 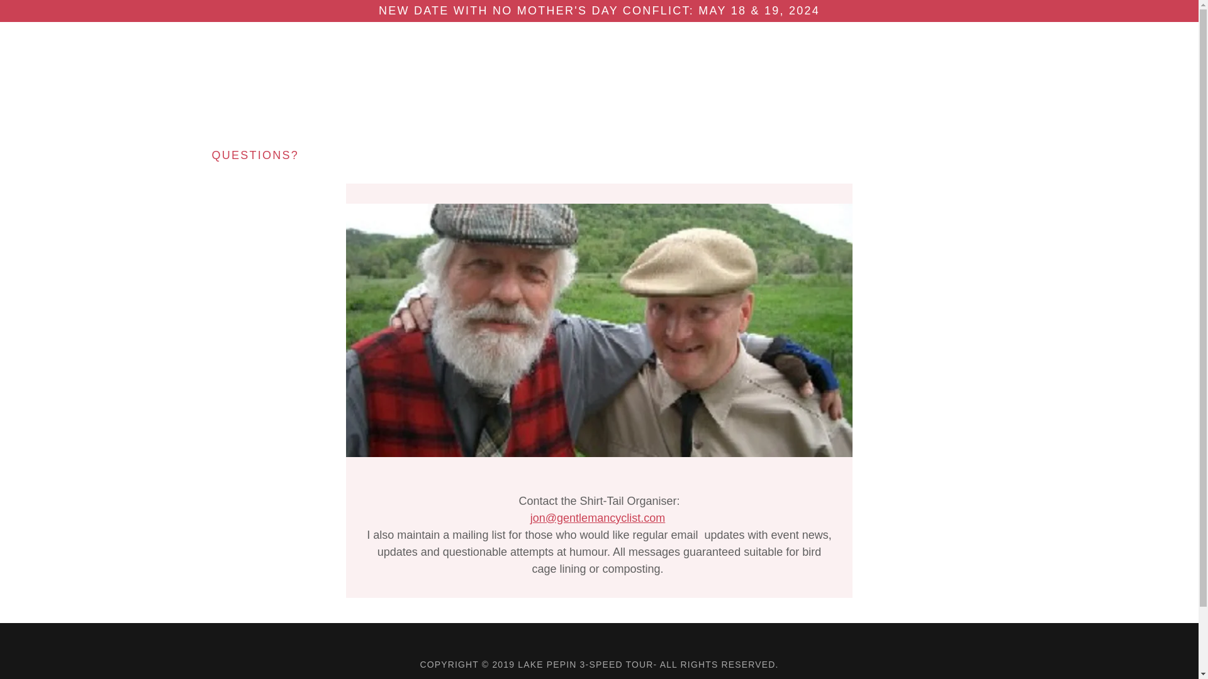 I want to click on 'jon@gentlemancyclist.com', so click(x=597, y=518).